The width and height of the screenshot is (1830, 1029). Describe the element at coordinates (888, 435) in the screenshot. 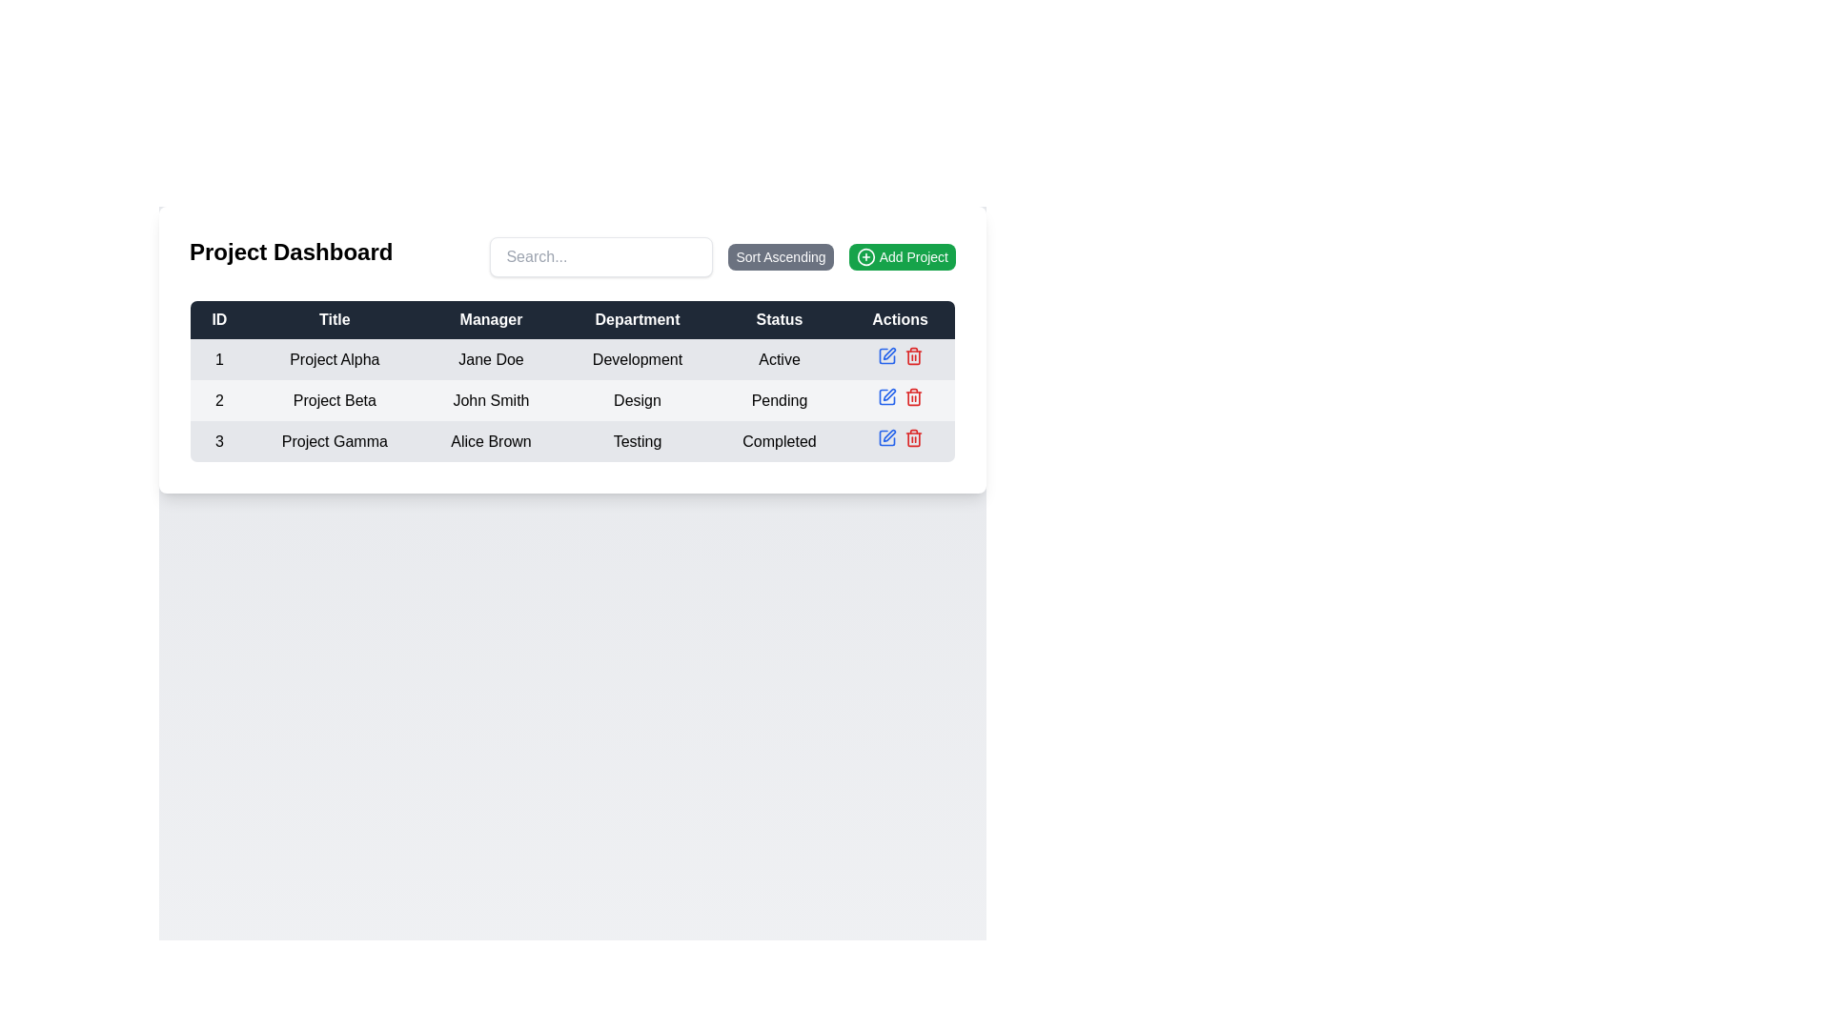

I see `the pen icon button located in the 'Actions' column of the third row of the table, which is styled in a blue outline and indicates editing capabilities` at that location.